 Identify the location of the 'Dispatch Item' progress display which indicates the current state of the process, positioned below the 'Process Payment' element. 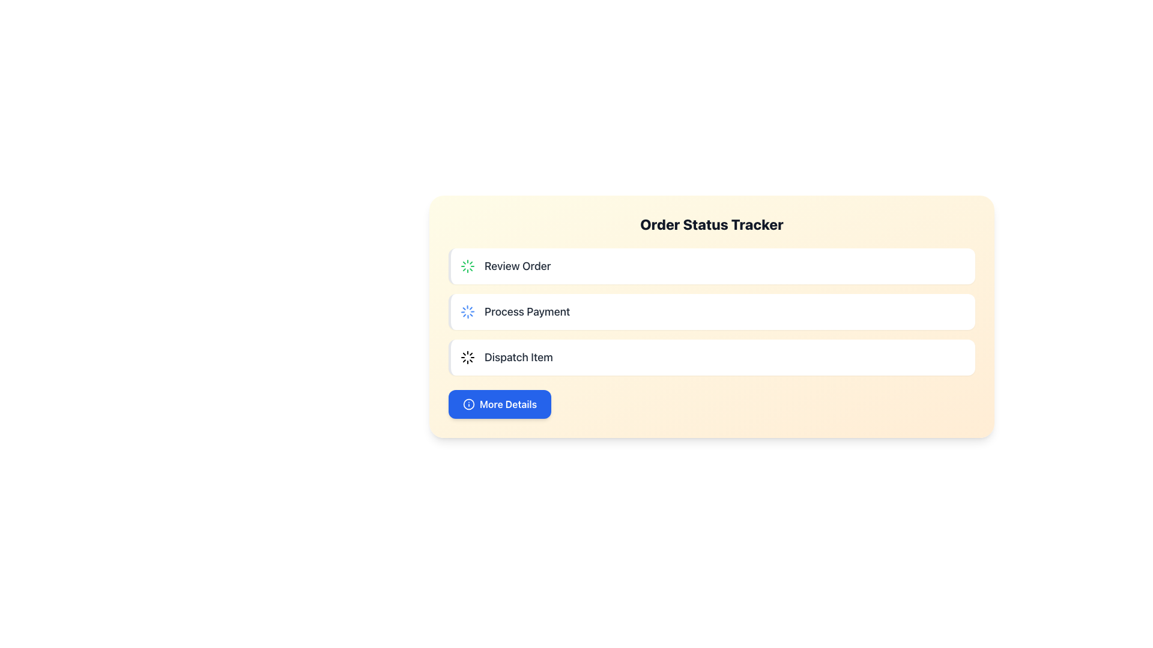
(712, 357).